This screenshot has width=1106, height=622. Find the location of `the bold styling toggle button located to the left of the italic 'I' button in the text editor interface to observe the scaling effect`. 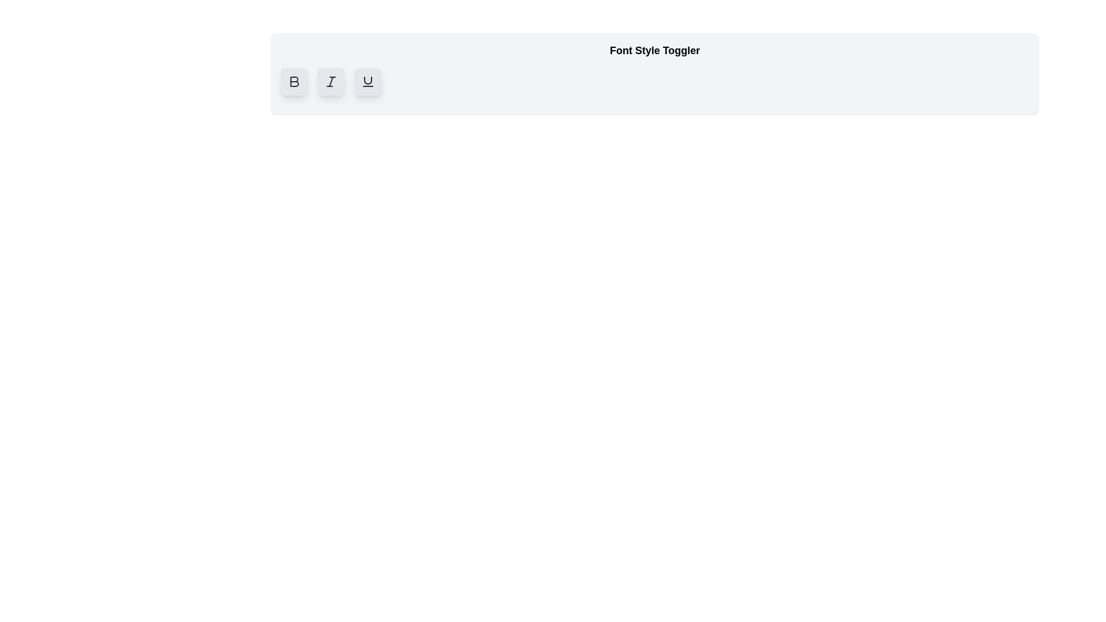

the bold styling toggle button located to the left of the italic 'I' button in the text editor interface to observe the scaling effect is located at coordinates (294, 81).